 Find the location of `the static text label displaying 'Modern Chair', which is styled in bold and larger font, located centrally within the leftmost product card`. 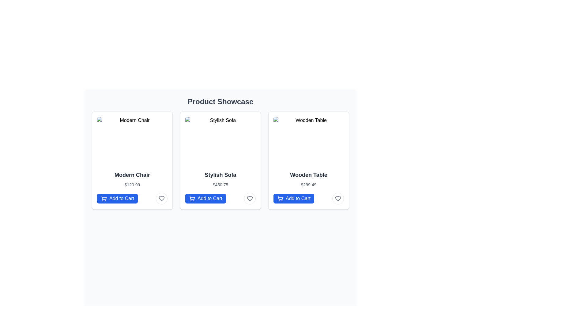

the static text label displaying 'Modern Chair', which is styled in bold and larger font, located centrally within the leftmost product card is located at coordinates (132, 175).